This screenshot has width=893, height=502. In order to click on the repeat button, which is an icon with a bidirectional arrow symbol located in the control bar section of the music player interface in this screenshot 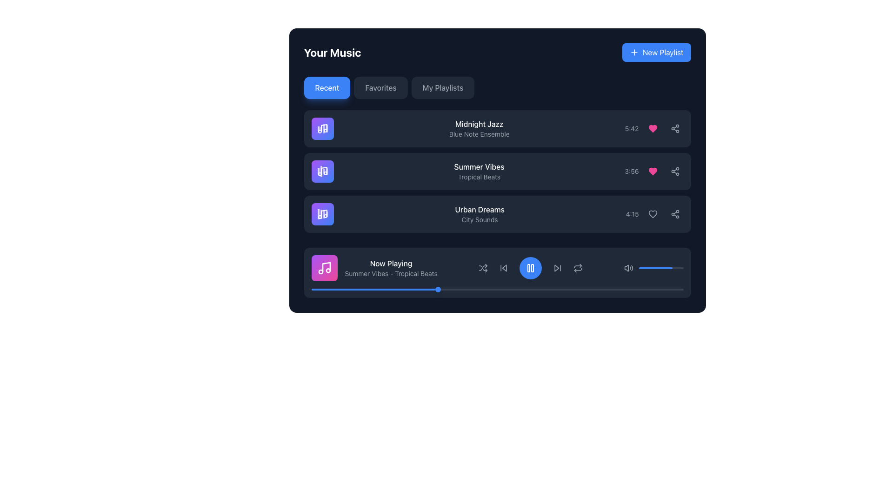, I will do `click(578, 268)`.